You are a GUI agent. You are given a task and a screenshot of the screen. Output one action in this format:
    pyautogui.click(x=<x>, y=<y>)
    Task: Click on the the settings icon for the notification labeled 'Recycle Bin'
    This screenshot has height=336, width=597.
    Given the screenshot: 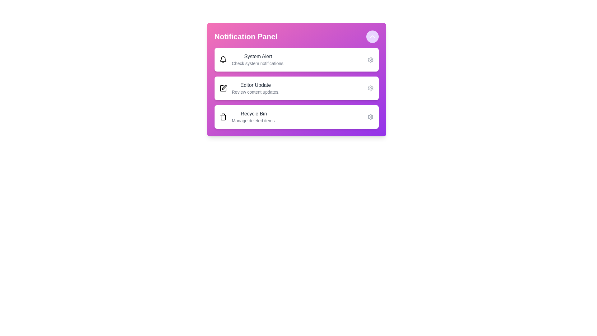 What is the action you would take?
    pyautogui.click(x=370, y=117)
    